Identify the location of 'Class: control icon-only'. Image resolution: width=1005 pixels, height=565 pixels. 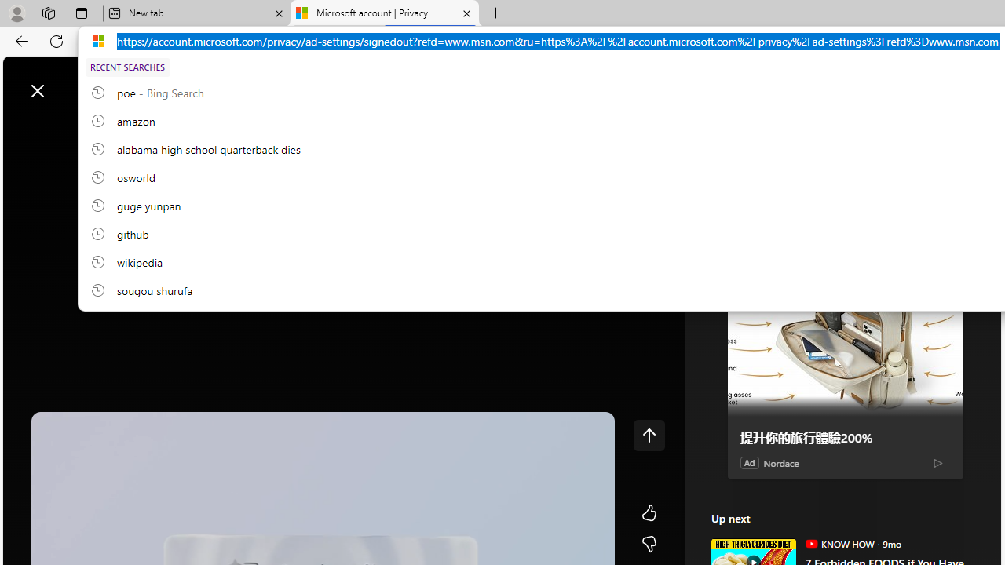
(649, 436).